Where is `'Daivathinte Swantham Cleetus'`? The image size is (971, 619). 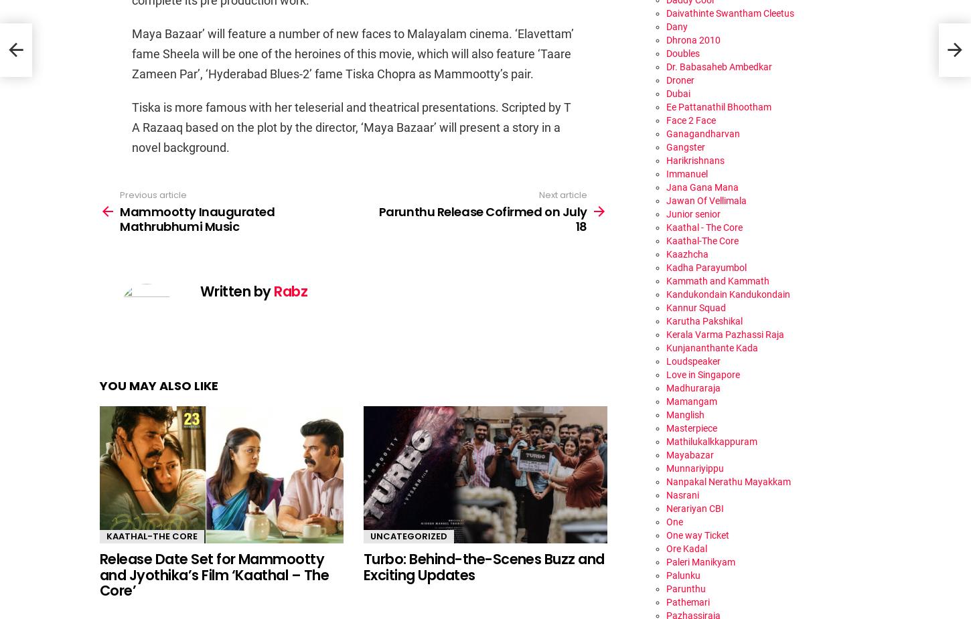 'Daivathinte Swantham Cleetus' is located at coordinates (666, 11).